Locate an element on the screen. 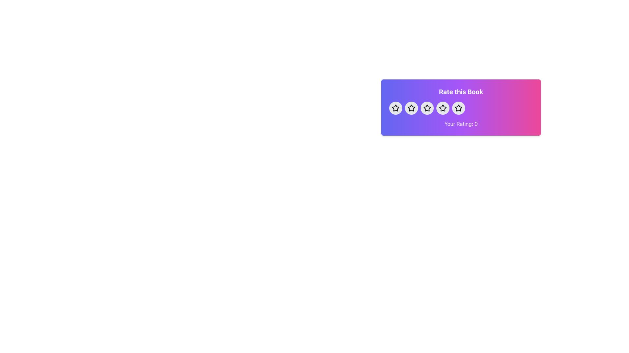 This screenshot has height=353, width=629. the first star icon within the gray circular button, which is outlined in black and located on the left side of a group of five similar star icons is located at coordinates (395, 108).